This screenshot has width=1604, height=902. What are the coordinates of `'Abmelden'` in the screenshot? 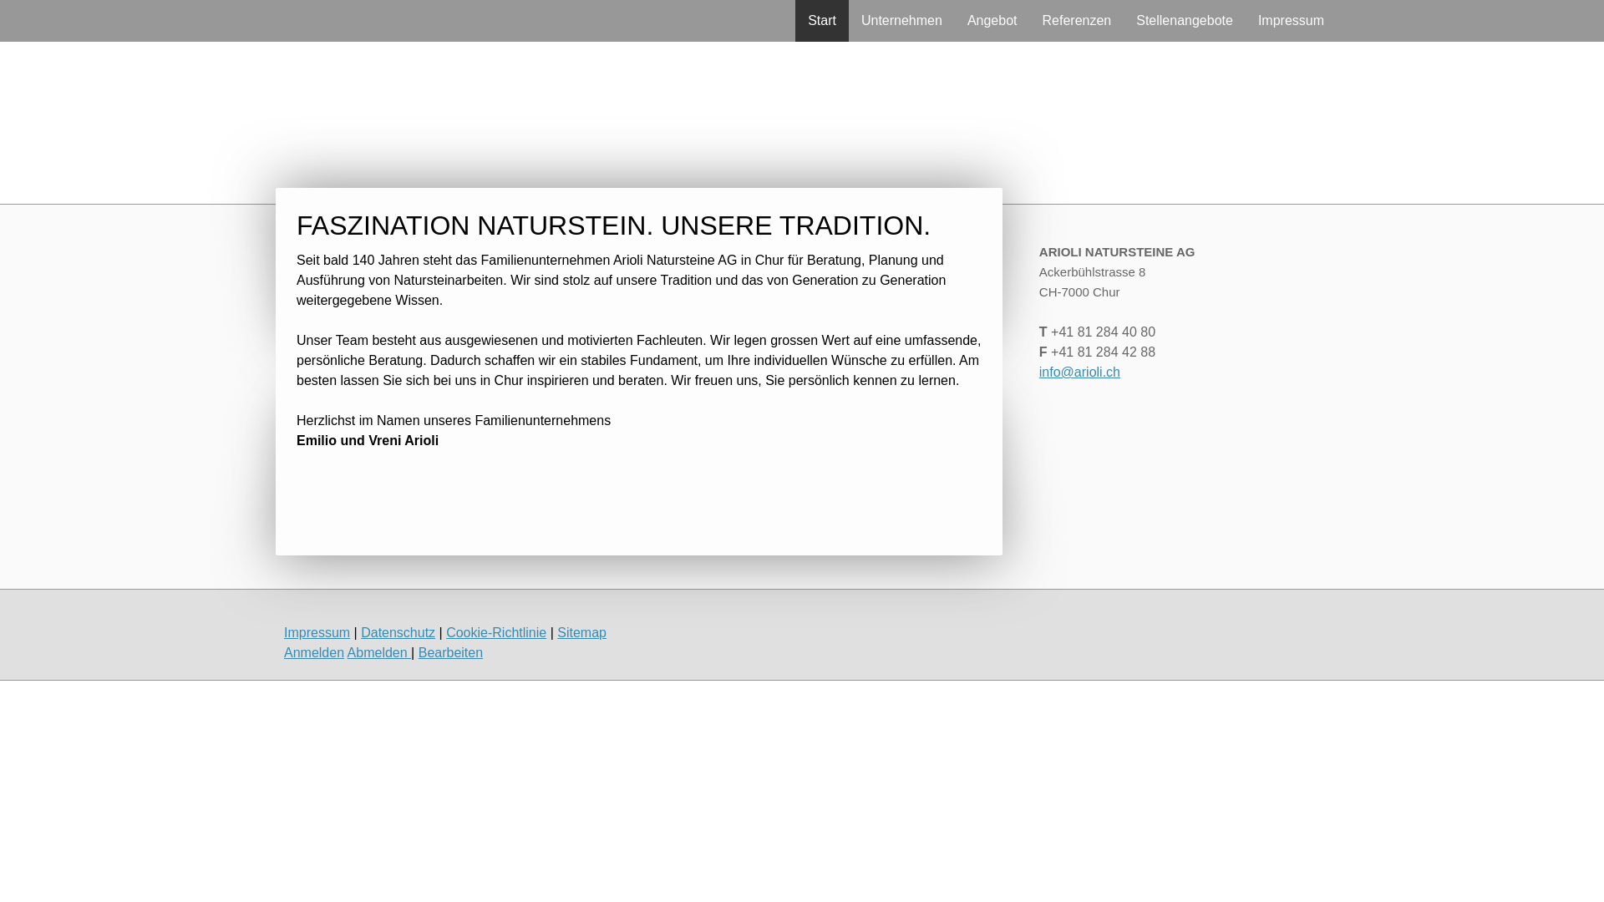 It's located at (378, 651).